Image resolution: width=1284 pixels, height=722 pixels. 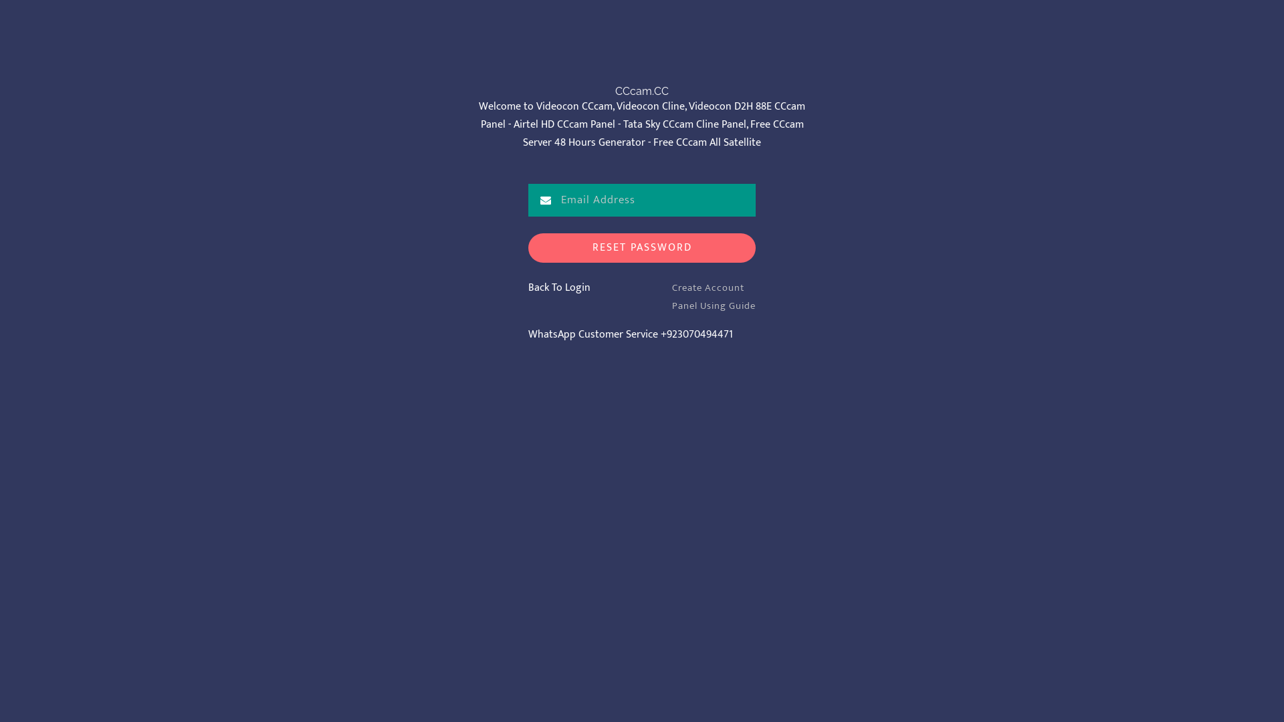 I want to click on 'CCcam.CC', so click(x=642, y=91).